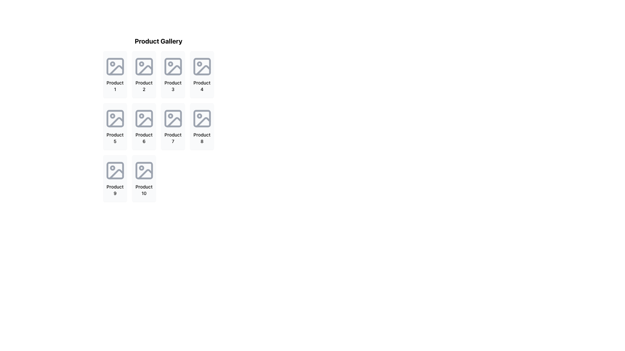  I want to click on text label 'Product 8' which is centrally aligned and located in the fourth column of the second row from the bottom in the product grid, so click(201, 137).